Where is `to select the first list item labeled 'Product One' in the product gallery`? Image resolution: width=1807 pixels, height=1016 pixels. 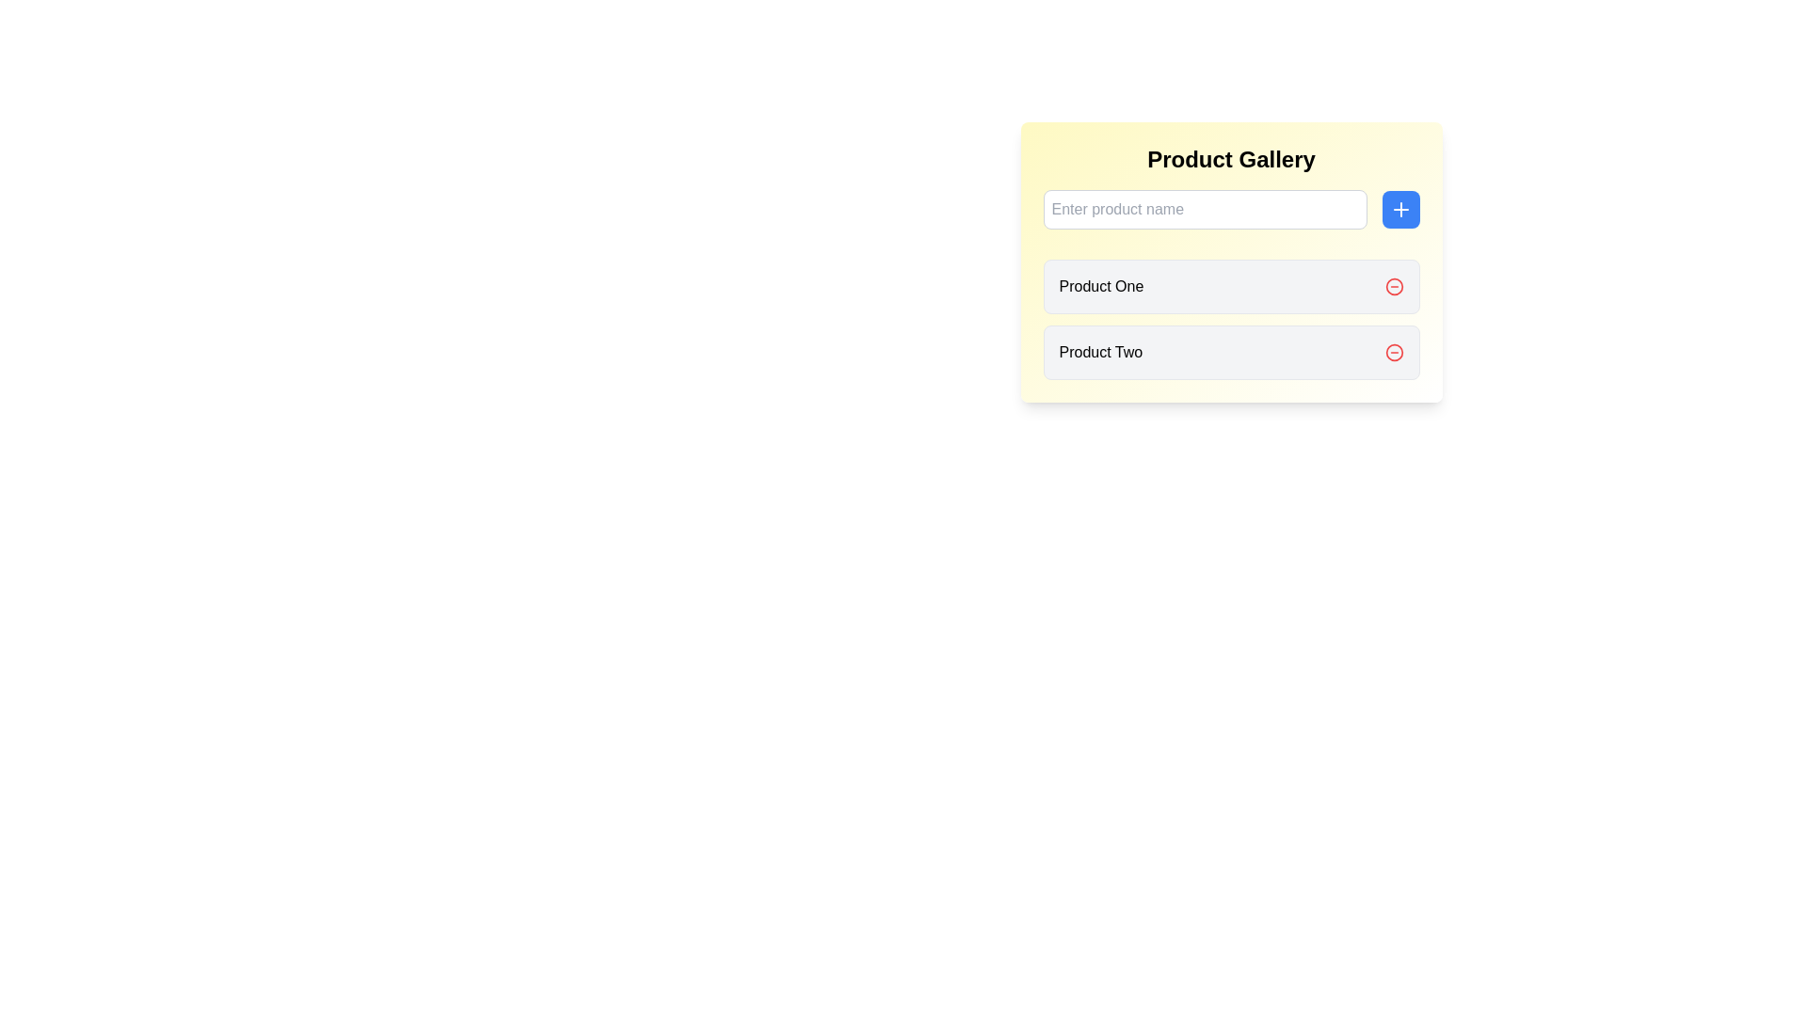
to select the first list item labeled 'Product One' in the product gallery is located at coordinates (1231, 286).